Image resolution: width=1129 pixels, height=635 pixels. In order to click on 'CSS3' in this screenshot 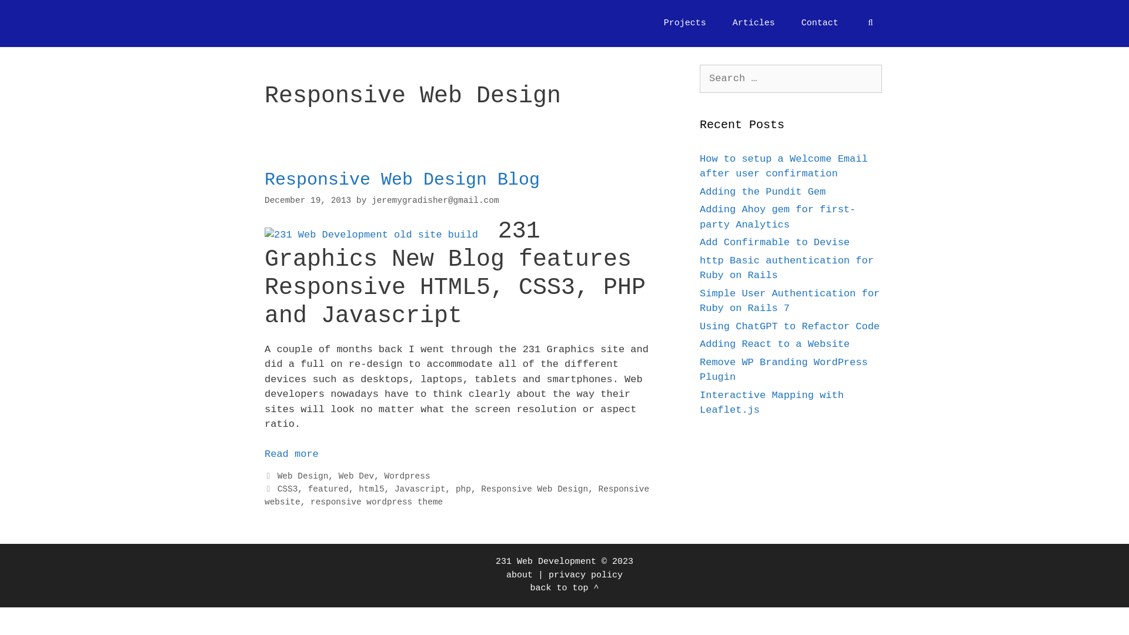, I will do `click(276, 489)`.